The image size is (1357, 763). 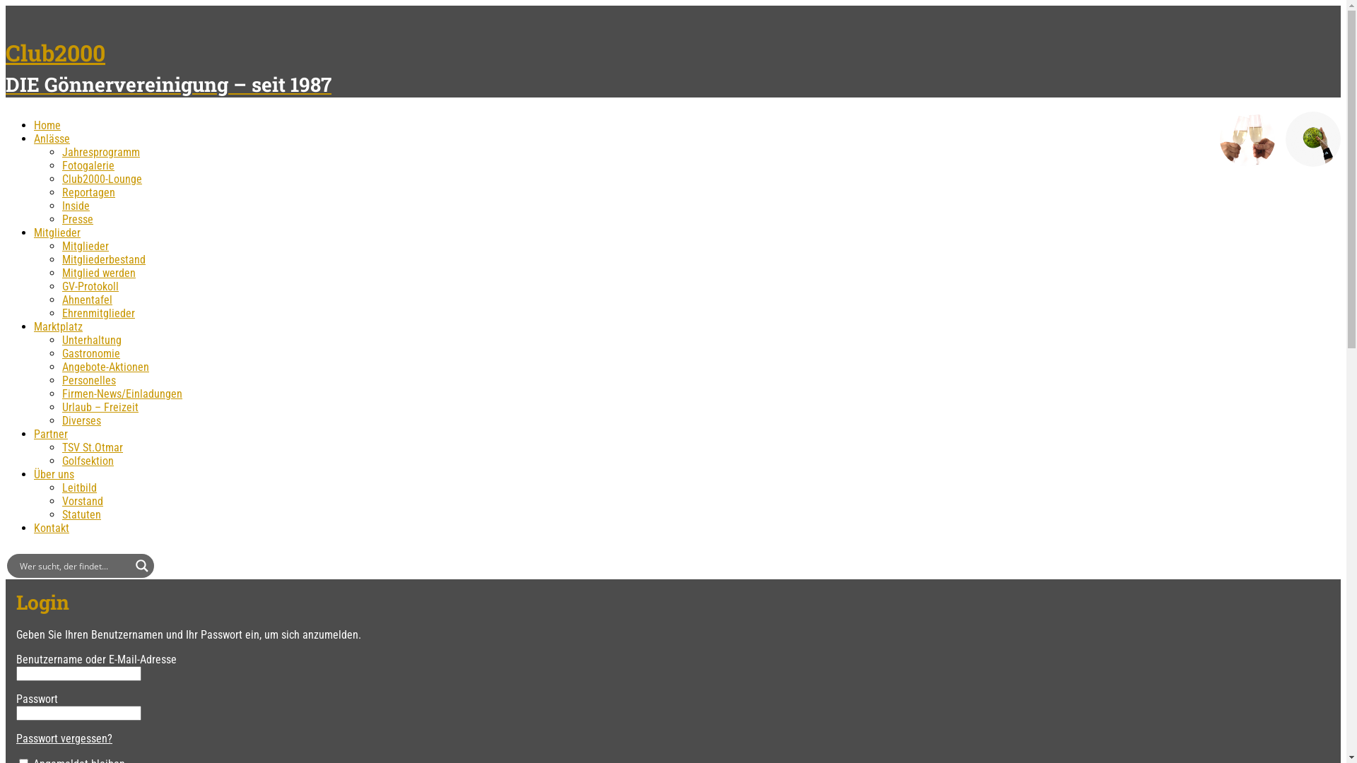 I want to click on 'Unterhaltung', so click(x=90, y=340).